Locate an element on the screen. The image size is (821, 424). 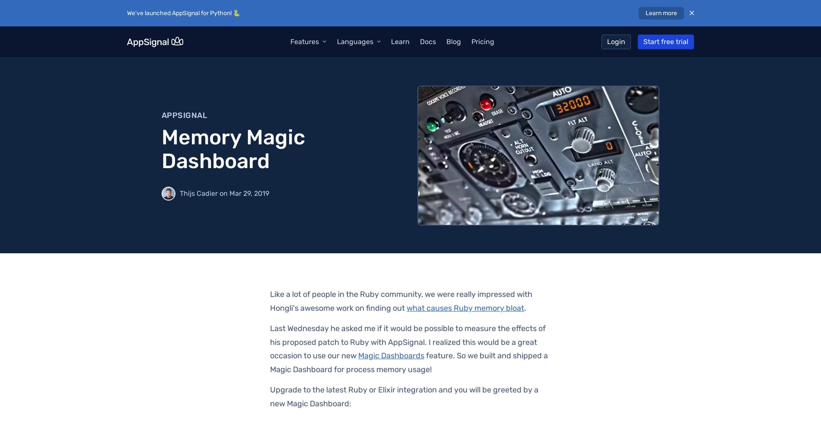
'Magic Dashboards' is located at coordinates (391, 355).